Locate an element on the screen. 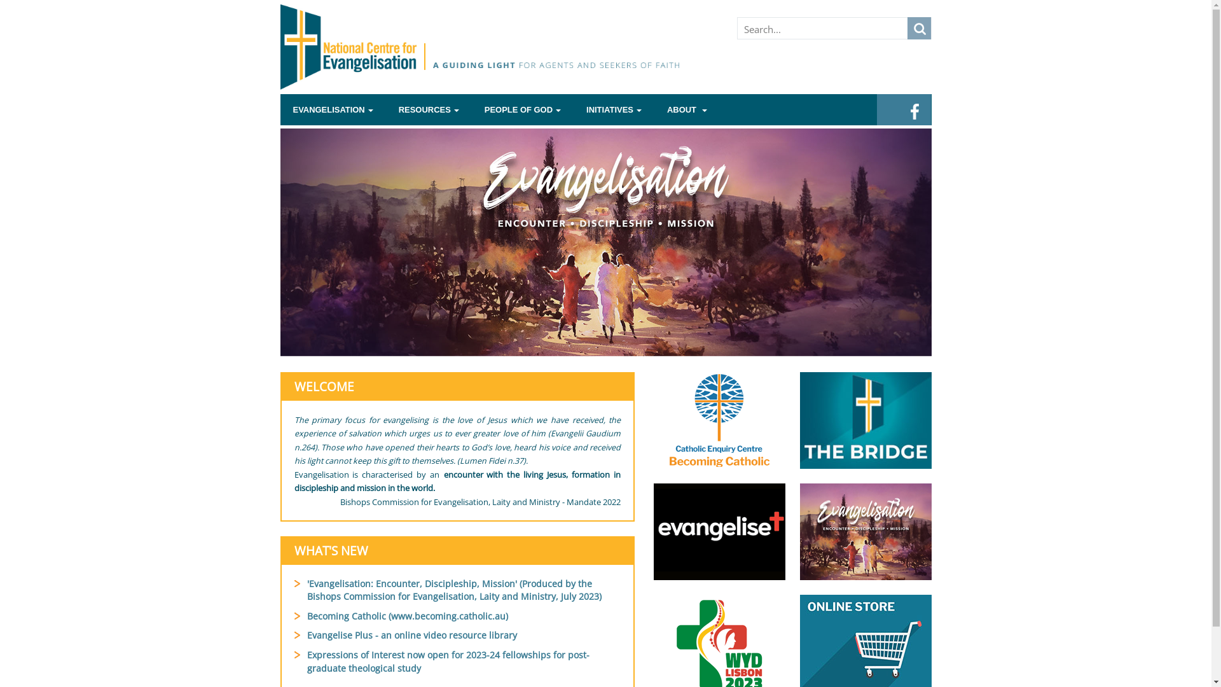 Image resolution: width=1221 pixels, height=687 pixels. 'SEARCH' is located at coordinates (918, 28).